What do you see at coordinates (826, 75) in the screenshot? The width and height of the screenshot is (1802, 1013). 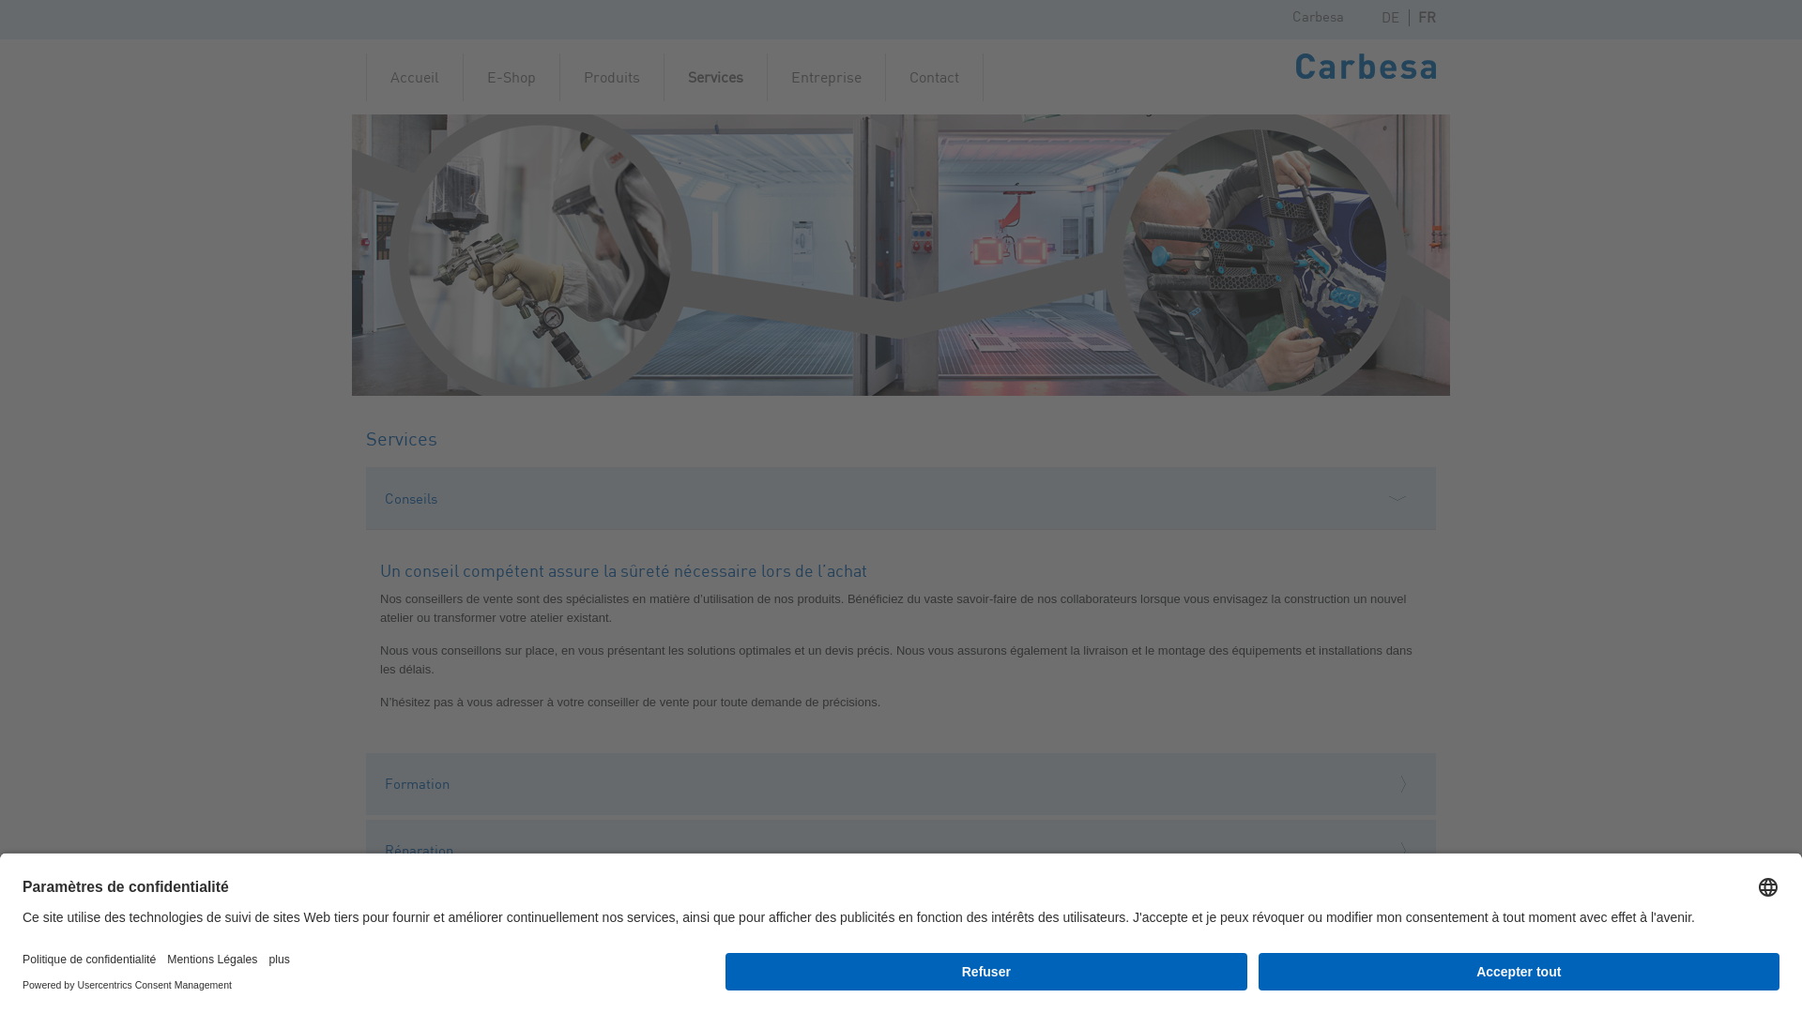 I see `'Entreprise'` at bounding box center [826, 75].